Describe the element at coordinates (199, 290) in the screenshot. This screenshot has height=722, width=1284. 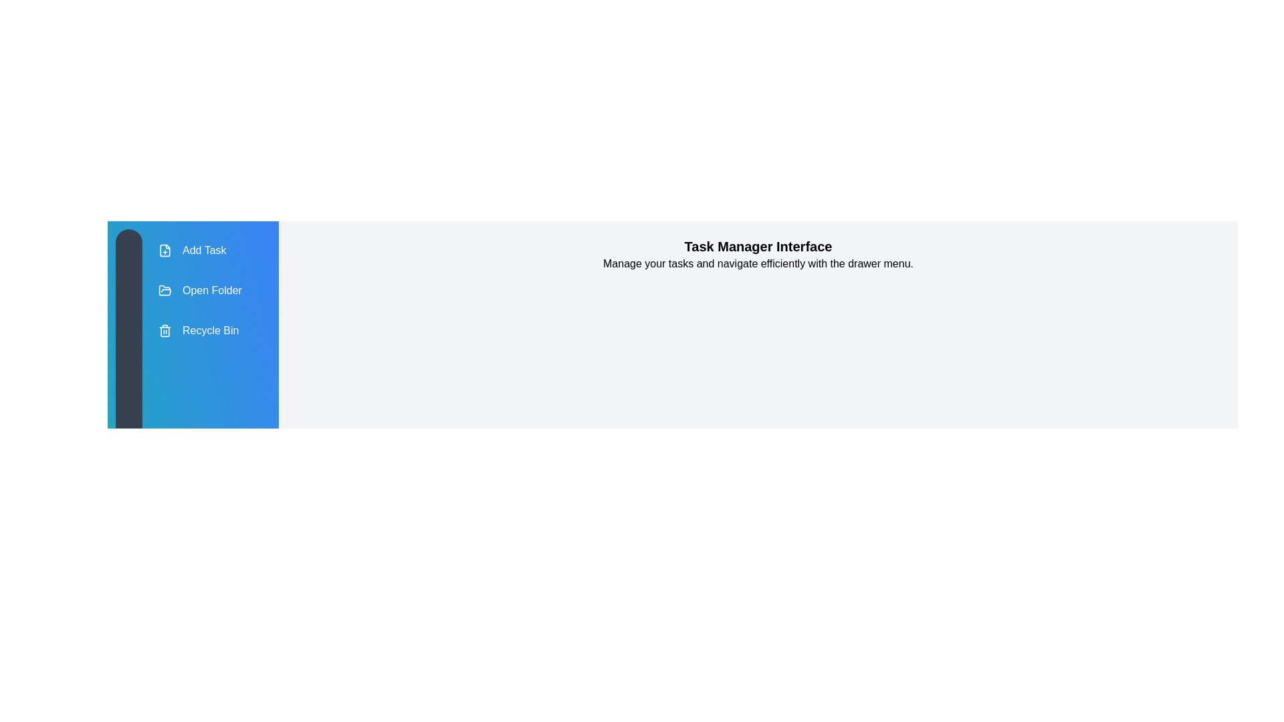
I see `the 'Open Folder' menu item in the TaskManagerDrawer` at that location.